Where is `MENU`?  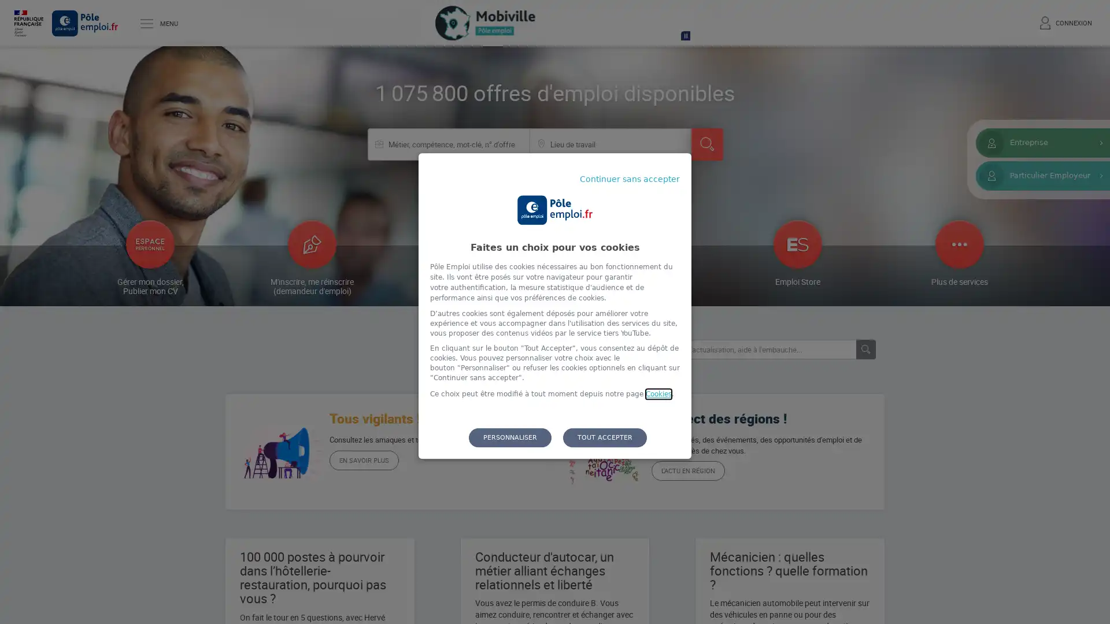 MENU is located at coordinates (159, 23).